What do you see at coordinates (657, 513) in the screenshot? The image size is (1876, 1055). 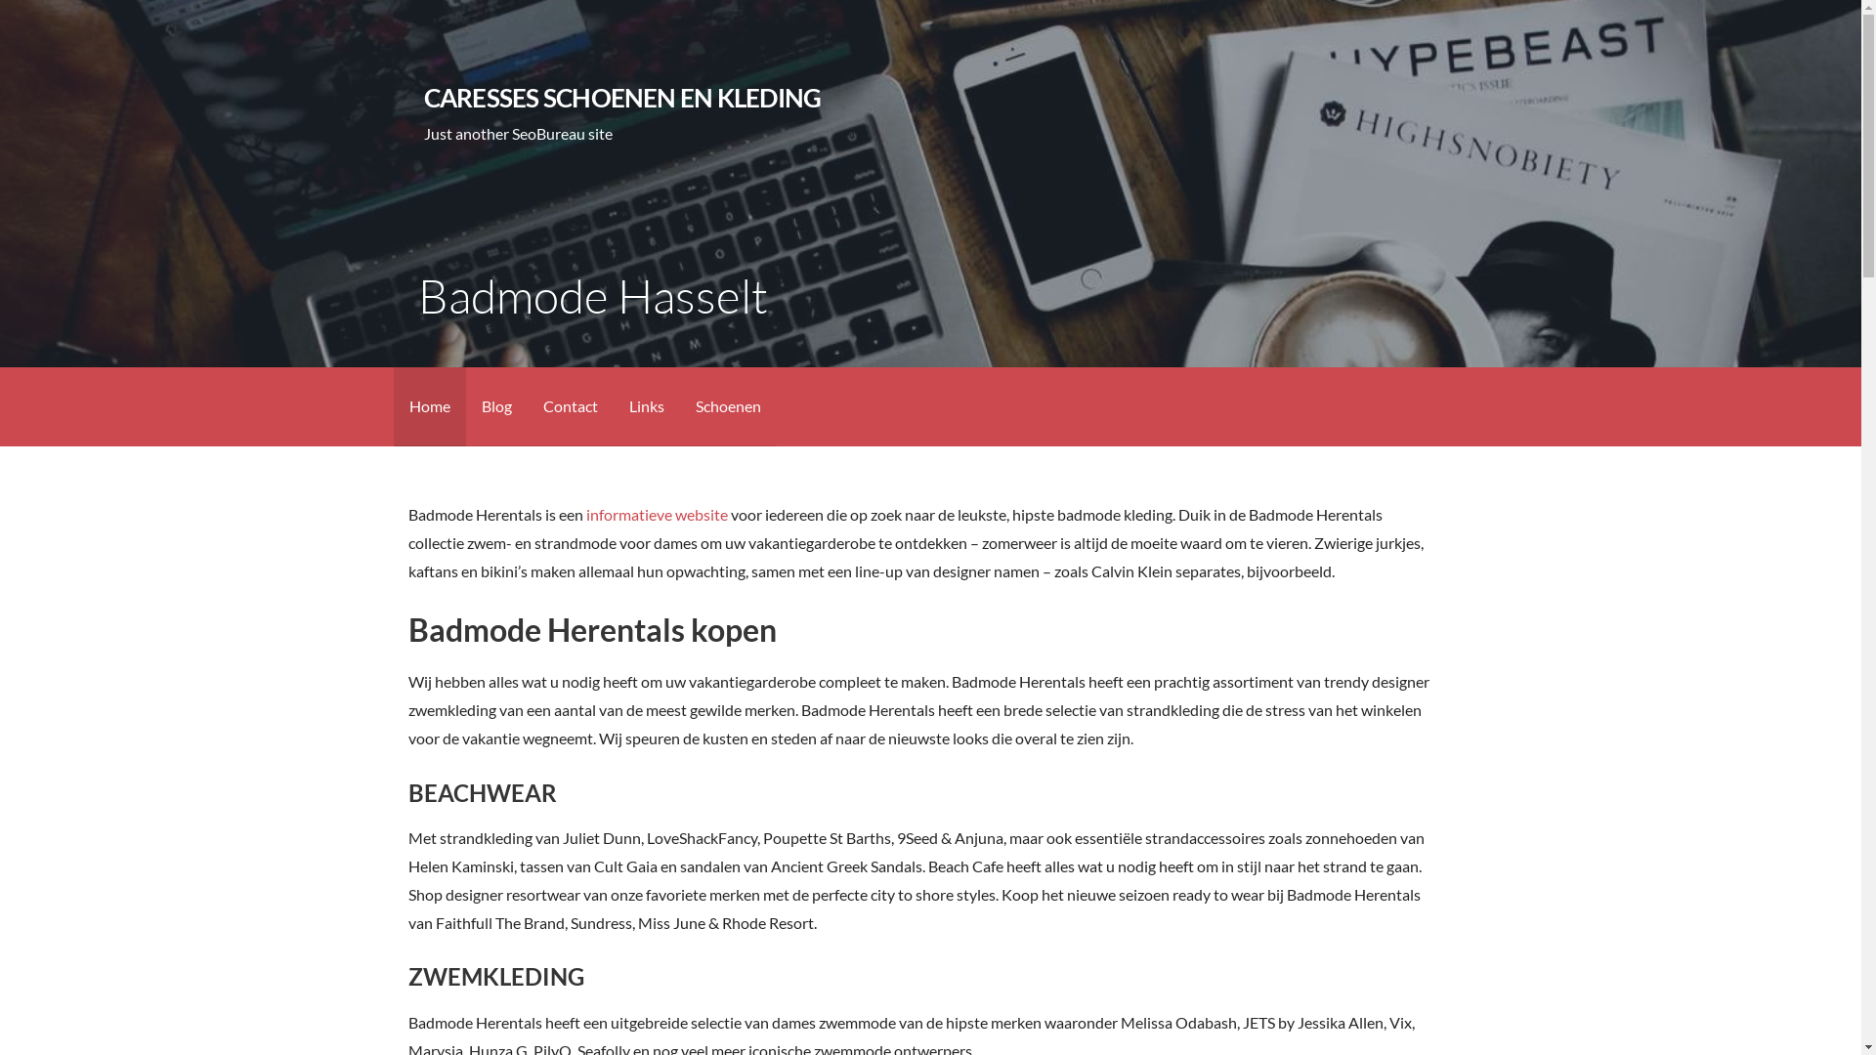 I see `'informatieve website'` at bounding box center [657, 513].